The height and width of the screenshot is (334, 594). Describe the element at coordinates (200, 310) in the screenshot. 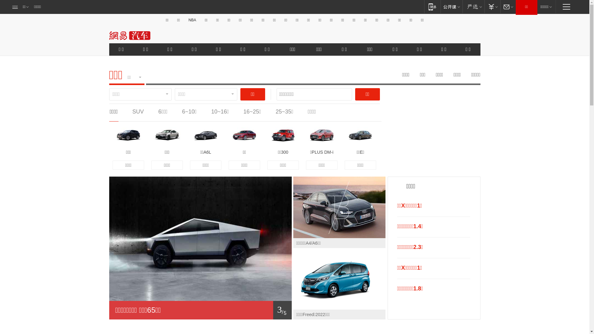

I see `'1/ 5'` at that location.